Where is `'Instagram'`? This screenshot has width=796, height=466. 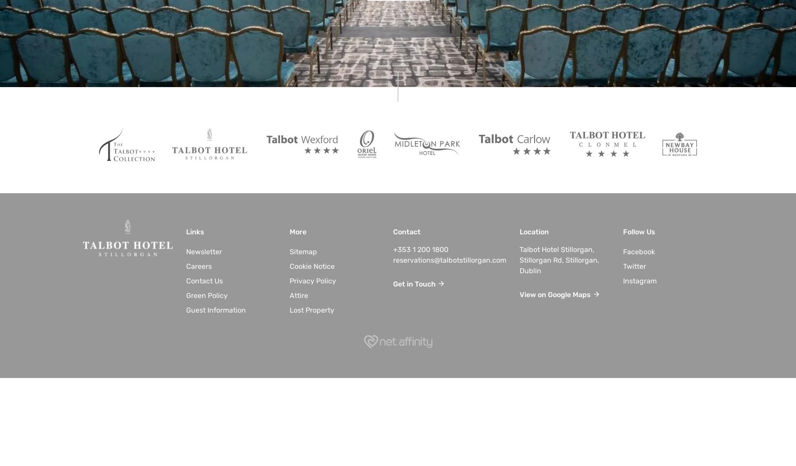
'Instagram' is located at coordinates (639, 281).